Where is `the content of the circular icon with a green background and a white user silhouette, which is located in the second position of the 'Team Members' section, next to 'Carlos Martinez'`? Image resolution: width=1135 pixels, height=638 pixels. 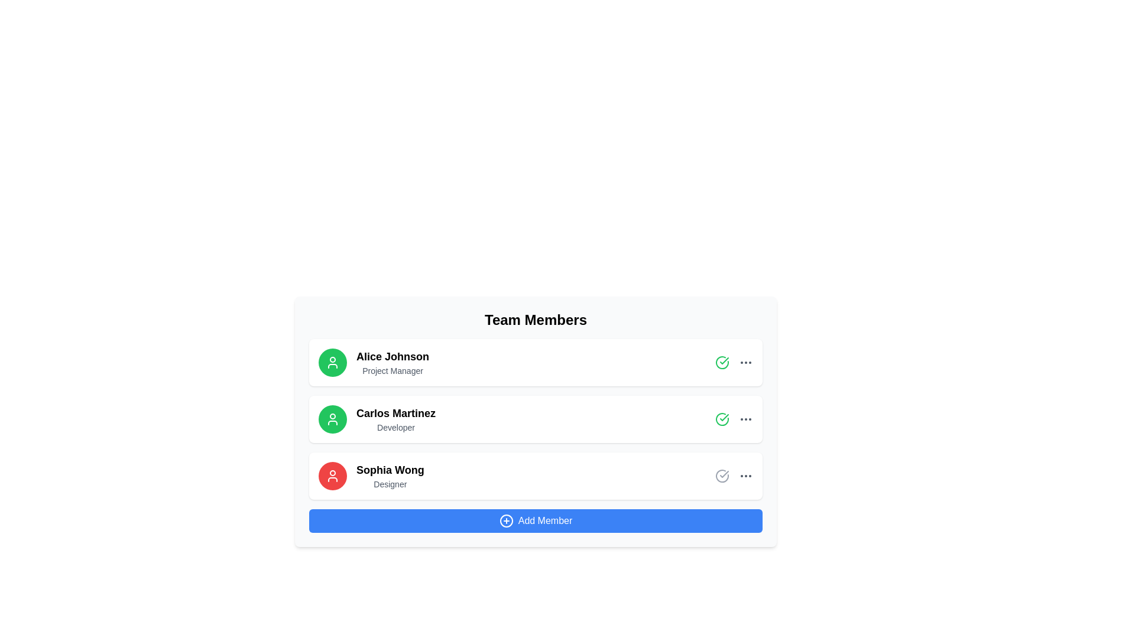
the content of the circular icon with a green background and a white user silhouette, which is located in the second position of the 'Team Members' section, next to 'Carlos Martinez' is located at coordinates (332, 418).